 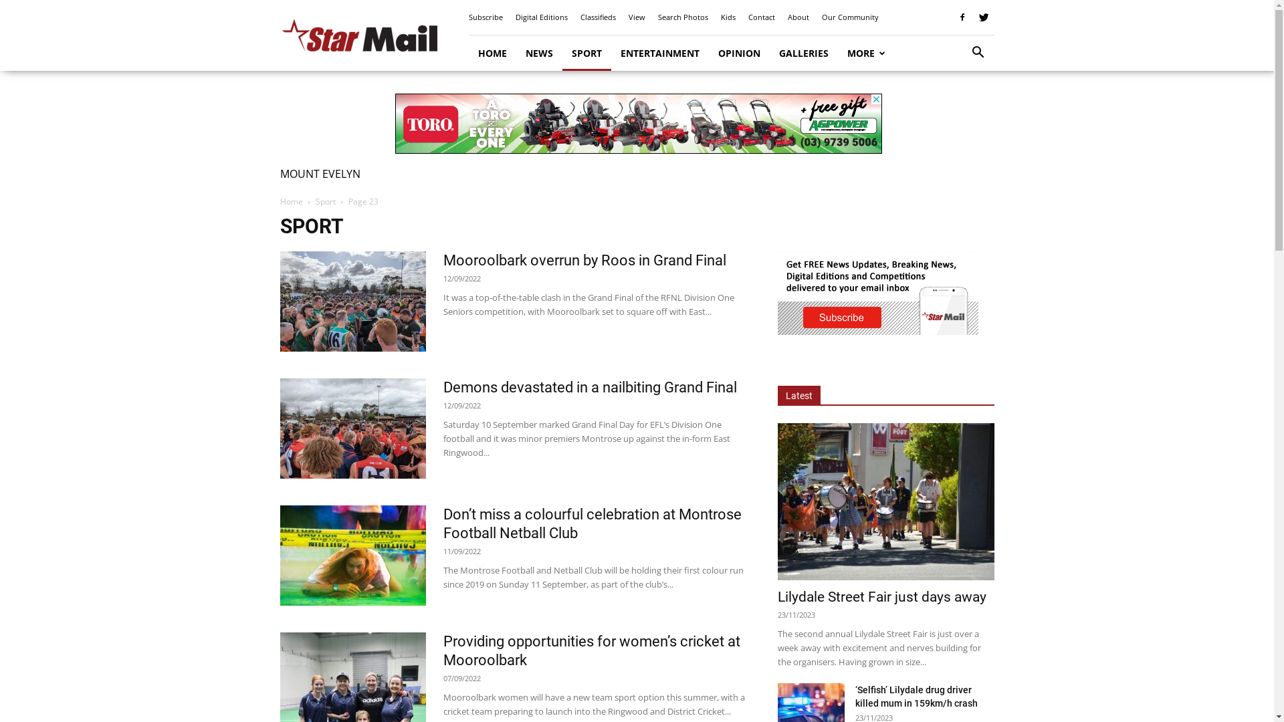 I want to click on 'View', so click(x=636, y=17).